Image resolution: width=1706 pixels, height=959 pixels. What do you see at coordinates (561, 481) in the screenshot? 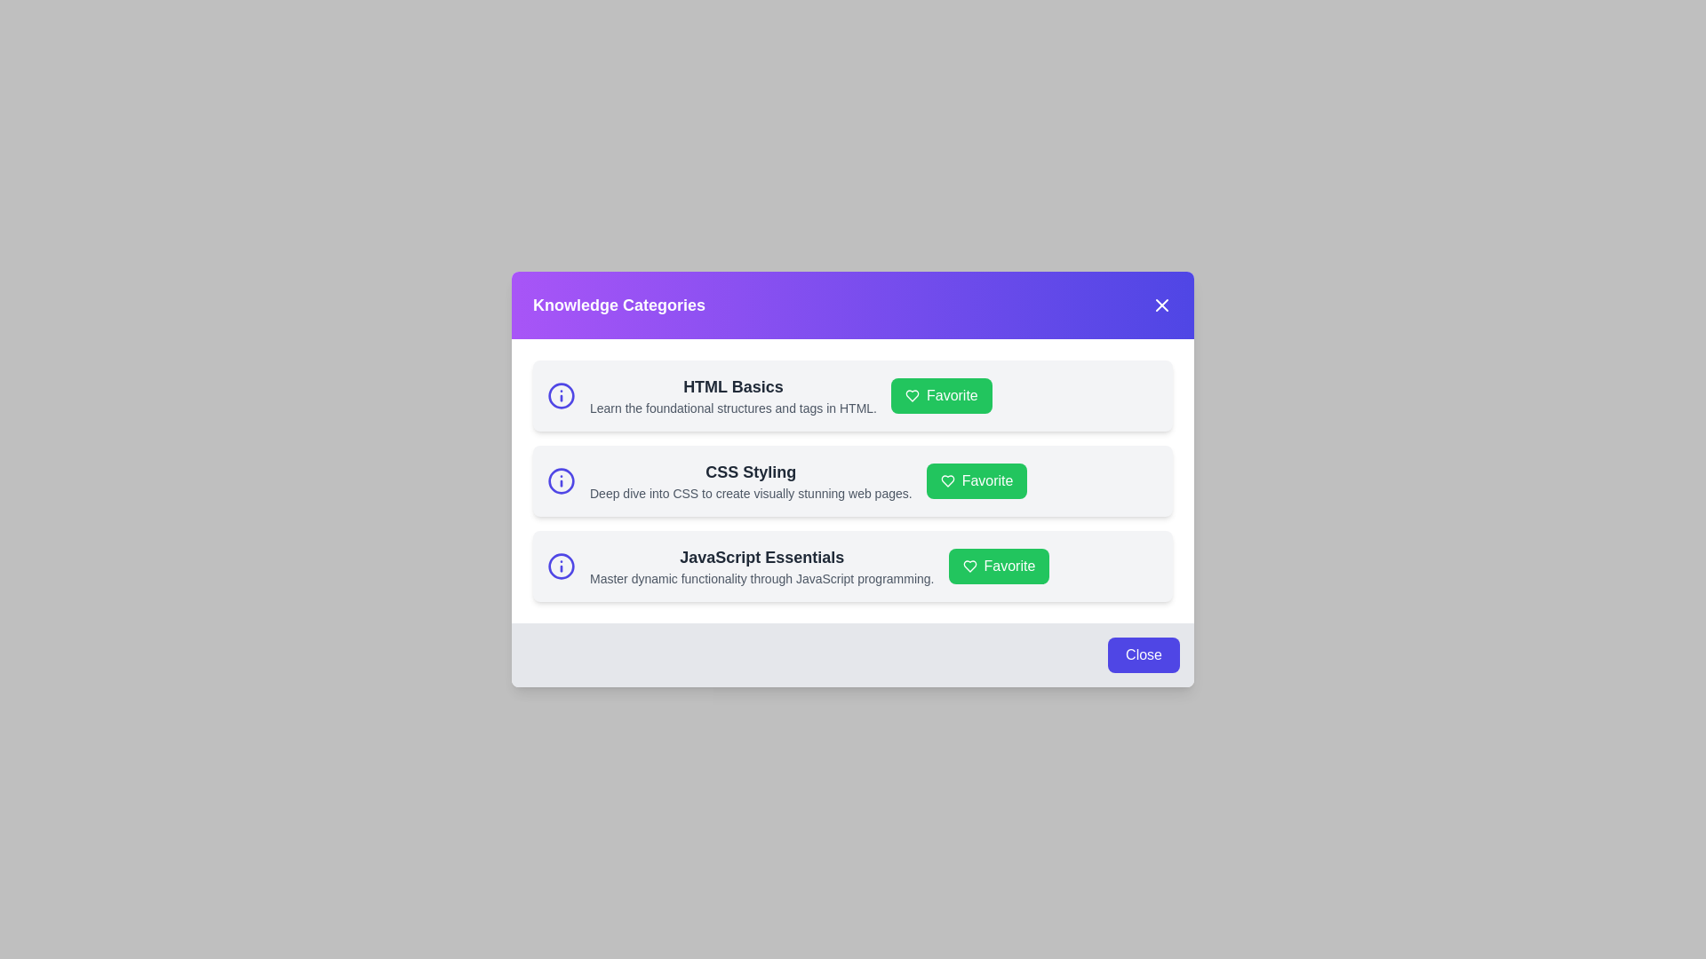
I see `the information icon located to the left of the 'CSS Styling' text title within the card layout to provide additional context or information` at bounding box center [561, 481].